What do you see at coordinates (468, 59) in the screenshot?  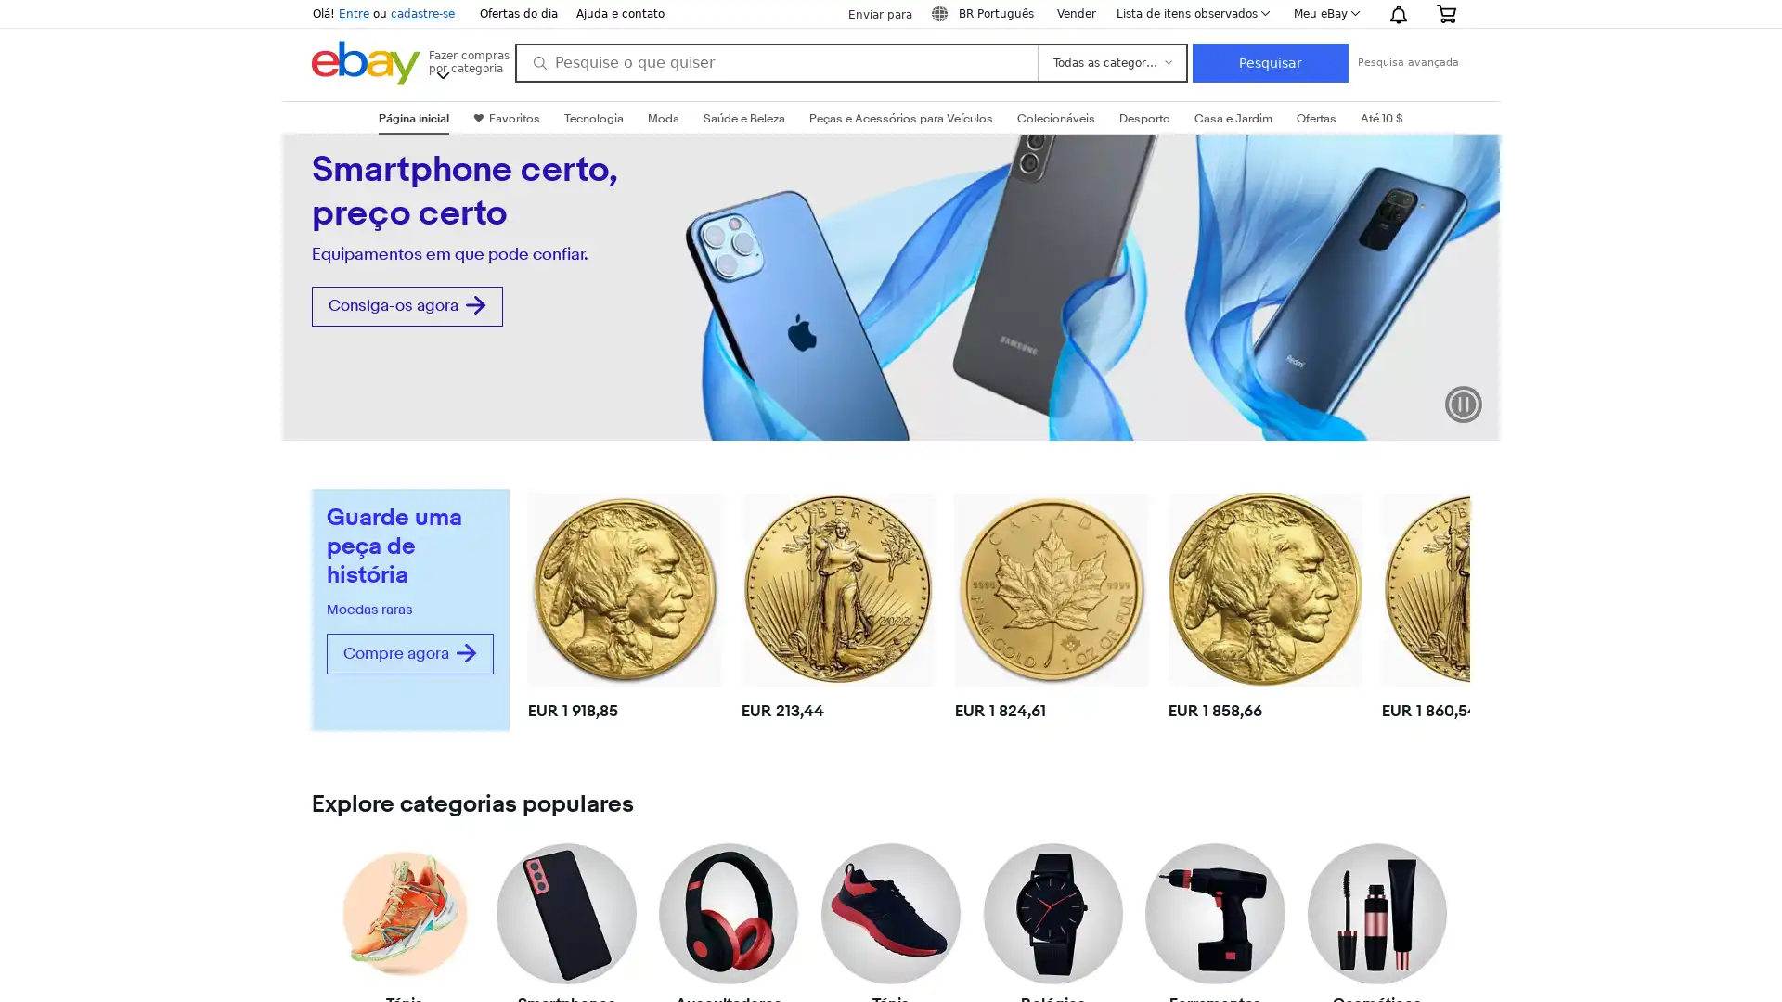 I see `Fazer compras por categoria` at bounding box center [468, 59].